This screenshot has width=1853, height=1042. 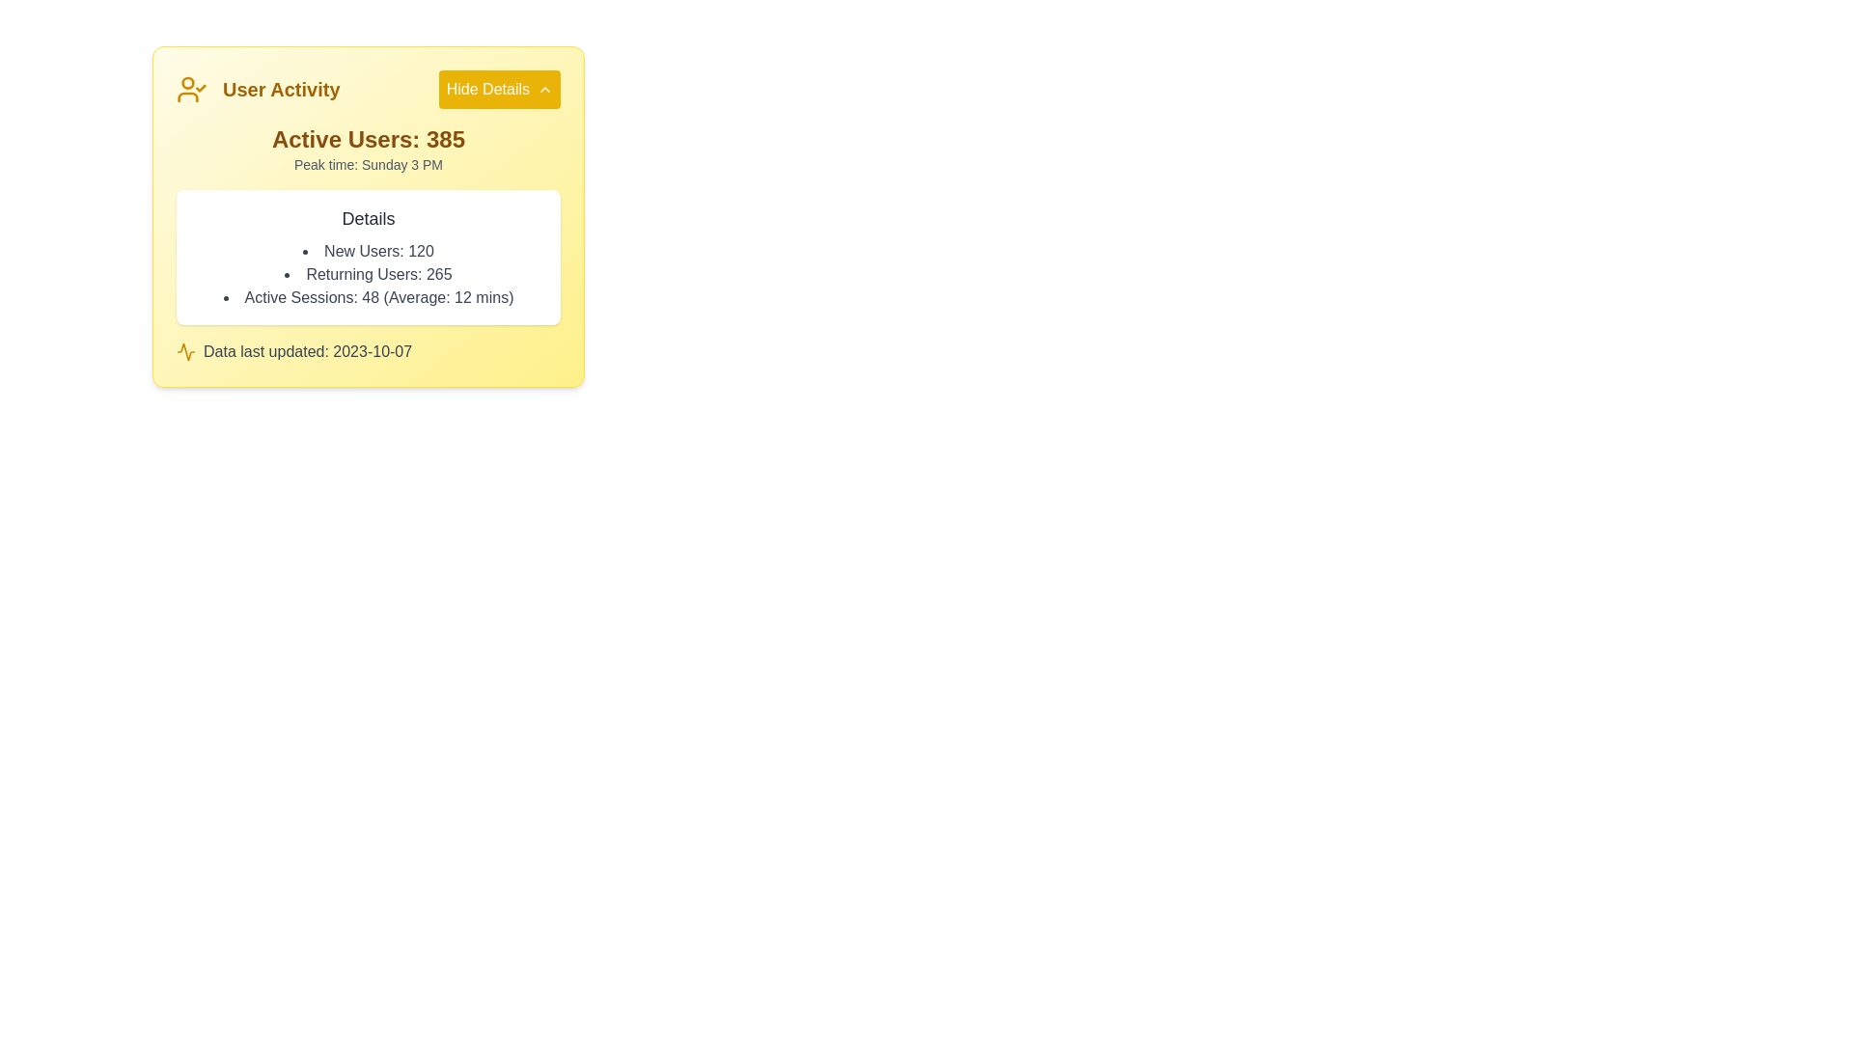 What do you see at coordinates (369, 148) in the screenshot?
I see `displayed information from the text block showing 'Active Users: 385' in bold yellowish-brown font and 'Peak time: Sunday 3 PM' in smaller gray text, located centrally in the yellow card layout` at bounding box center [369, 148].